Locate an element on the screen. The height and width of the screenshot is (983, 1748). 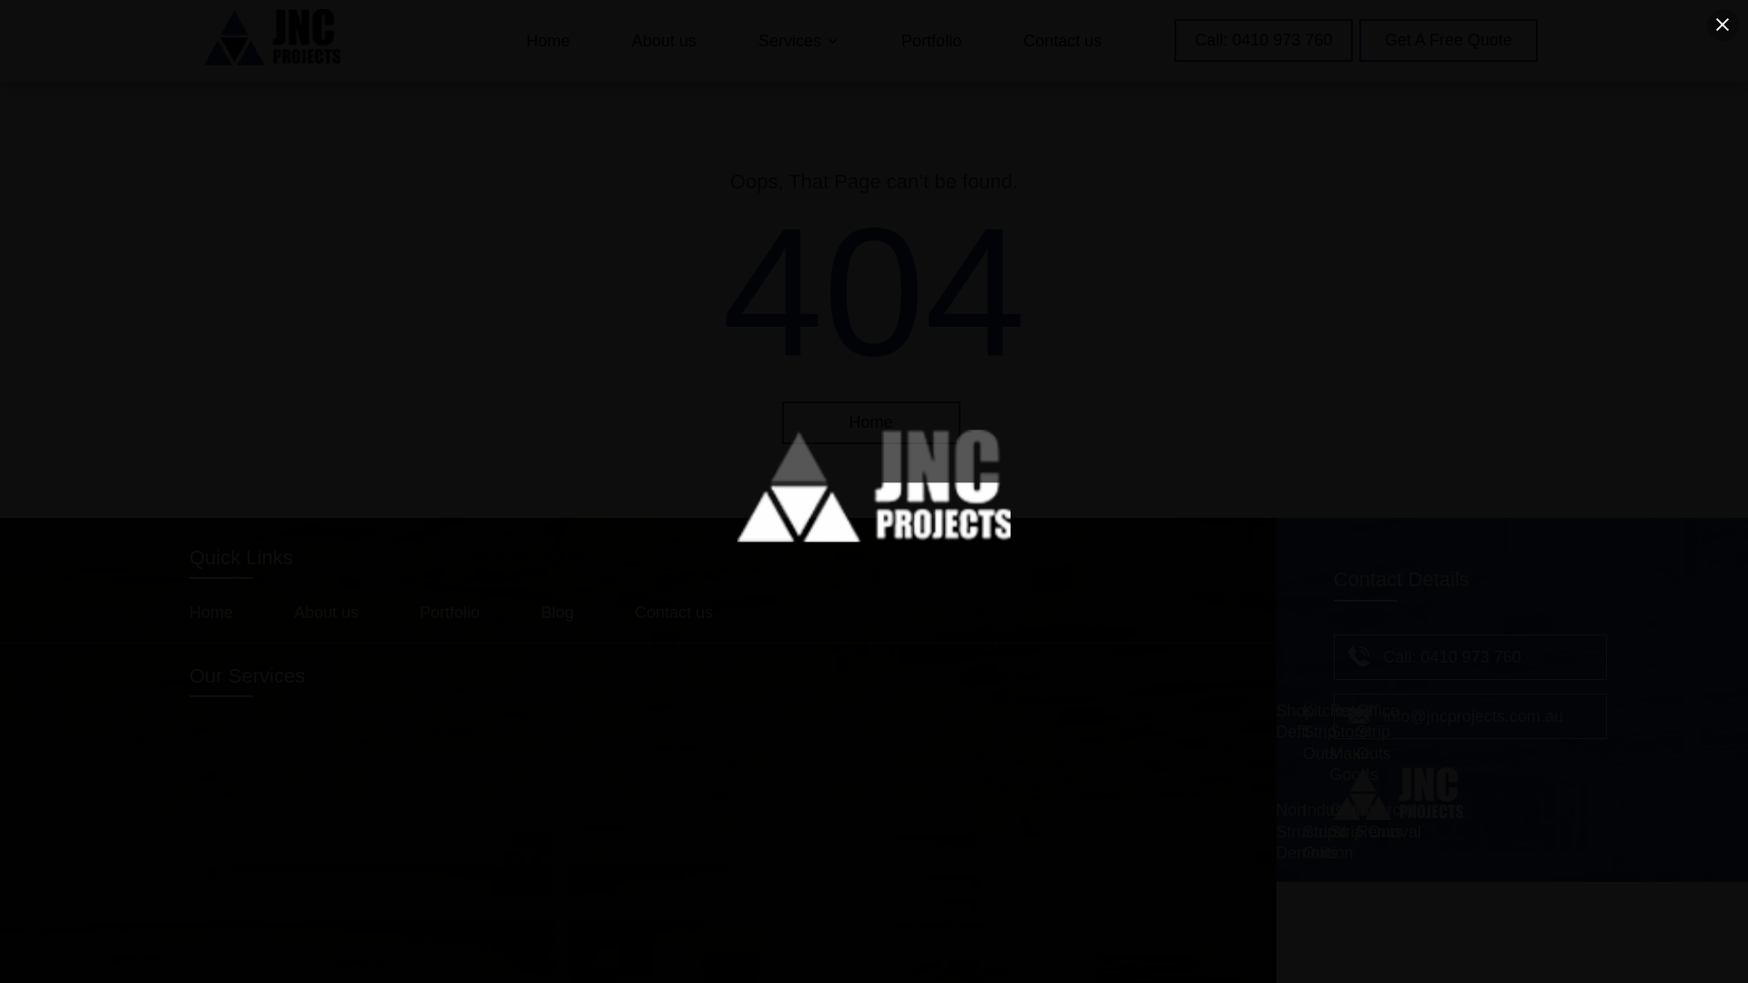
'Call: 0410 973 760' is located at coordinates (1262, 40).